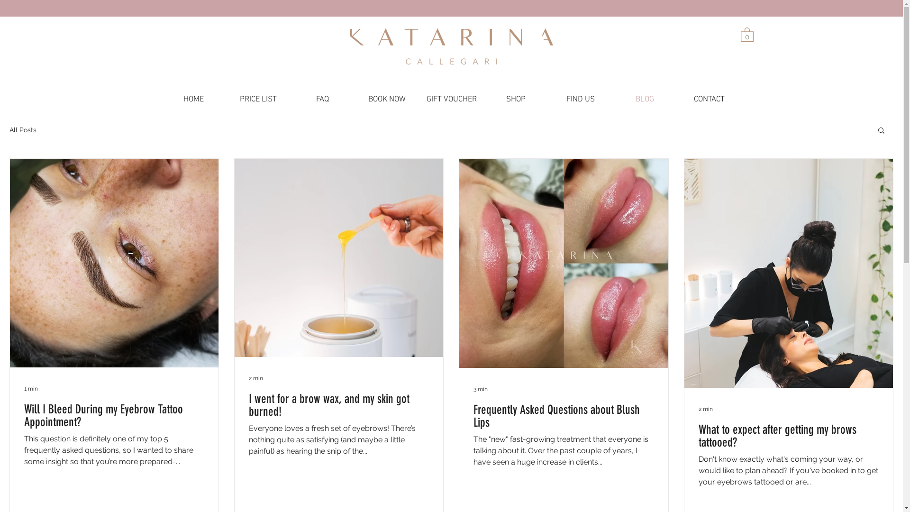  What do you see at coordinates (387, 99) in the screenshot?
I see `'BOOK NOW'` at bounding box center [387, 99].